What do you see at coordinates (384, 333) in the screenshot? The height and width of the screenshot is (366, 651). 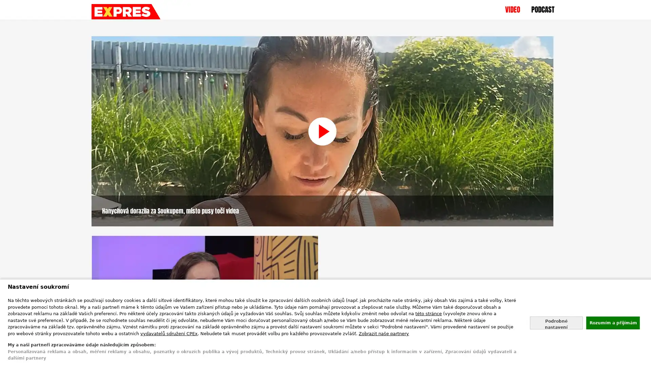 I see `Zobrazit nase partnery` at bounding box center [384, 333].